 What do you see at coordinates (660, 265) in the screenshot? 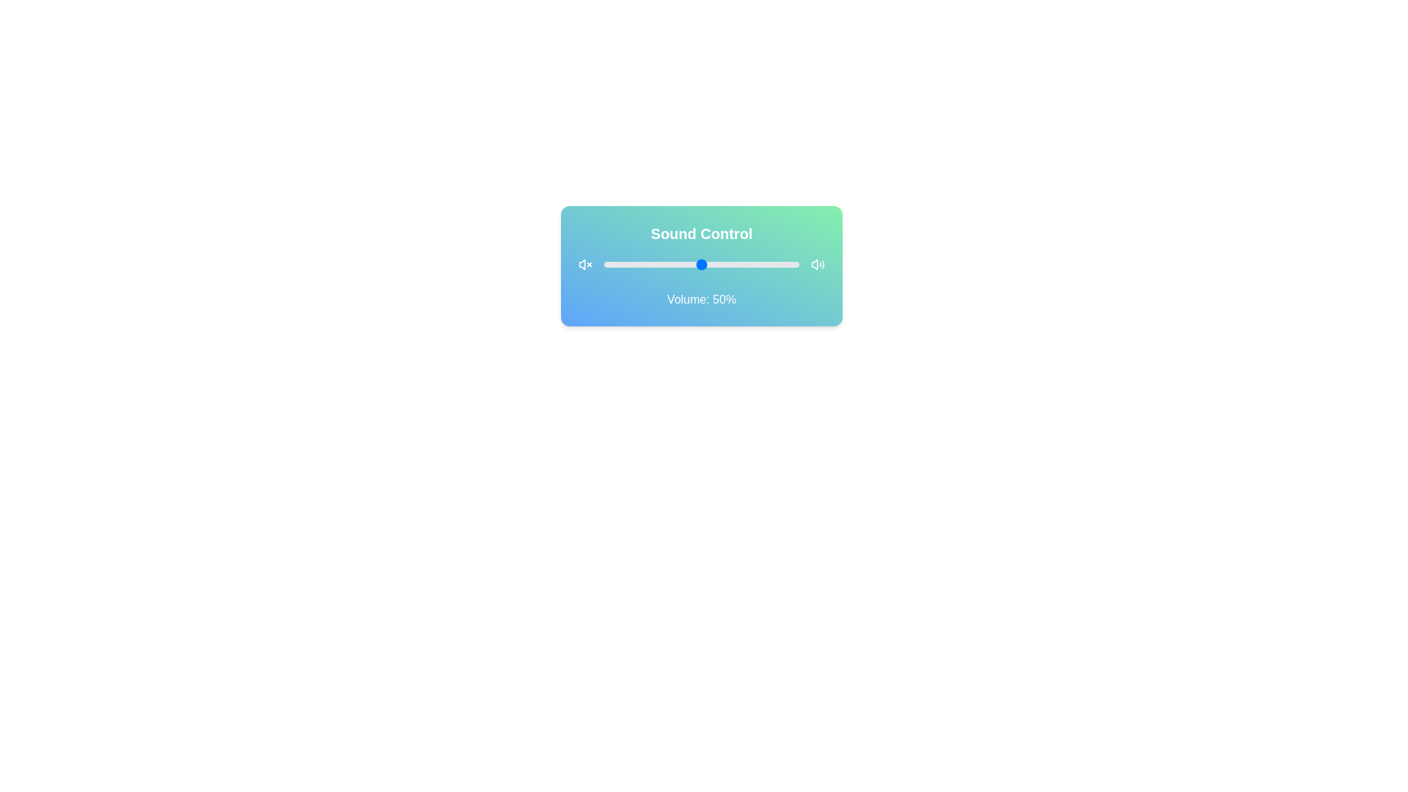
I see `the volume` at bounding box center [660, 265].